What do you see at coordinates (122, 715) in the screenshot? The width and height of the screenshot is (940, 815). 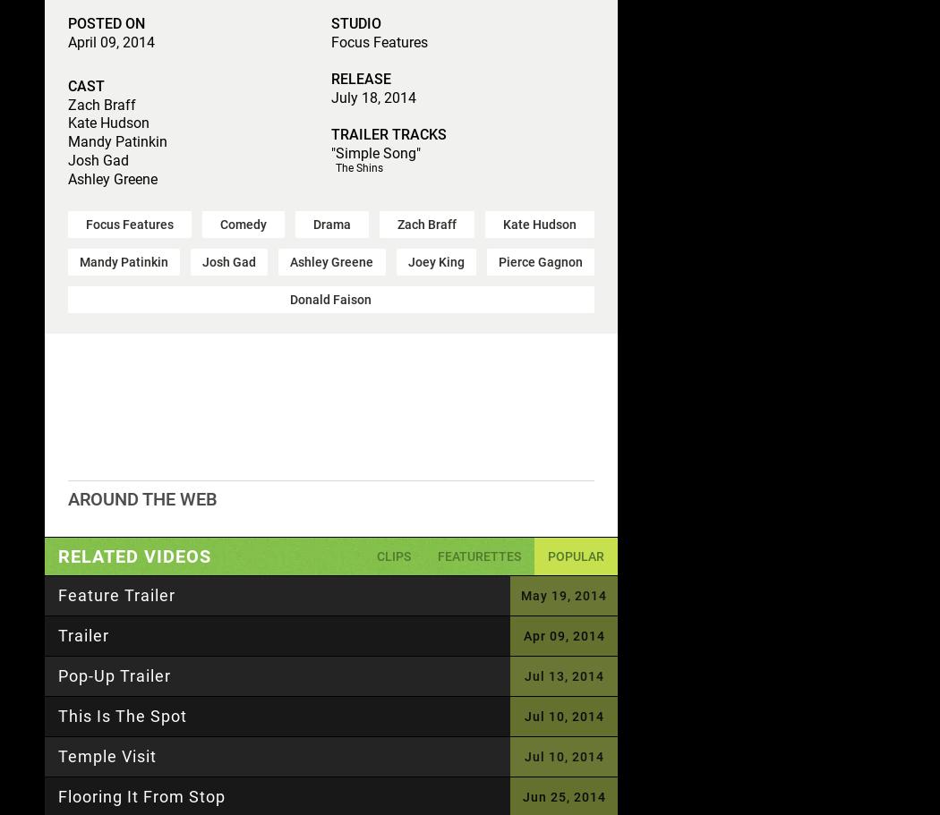 I see `'This is the Spot'` at bounding box center [122, 715].